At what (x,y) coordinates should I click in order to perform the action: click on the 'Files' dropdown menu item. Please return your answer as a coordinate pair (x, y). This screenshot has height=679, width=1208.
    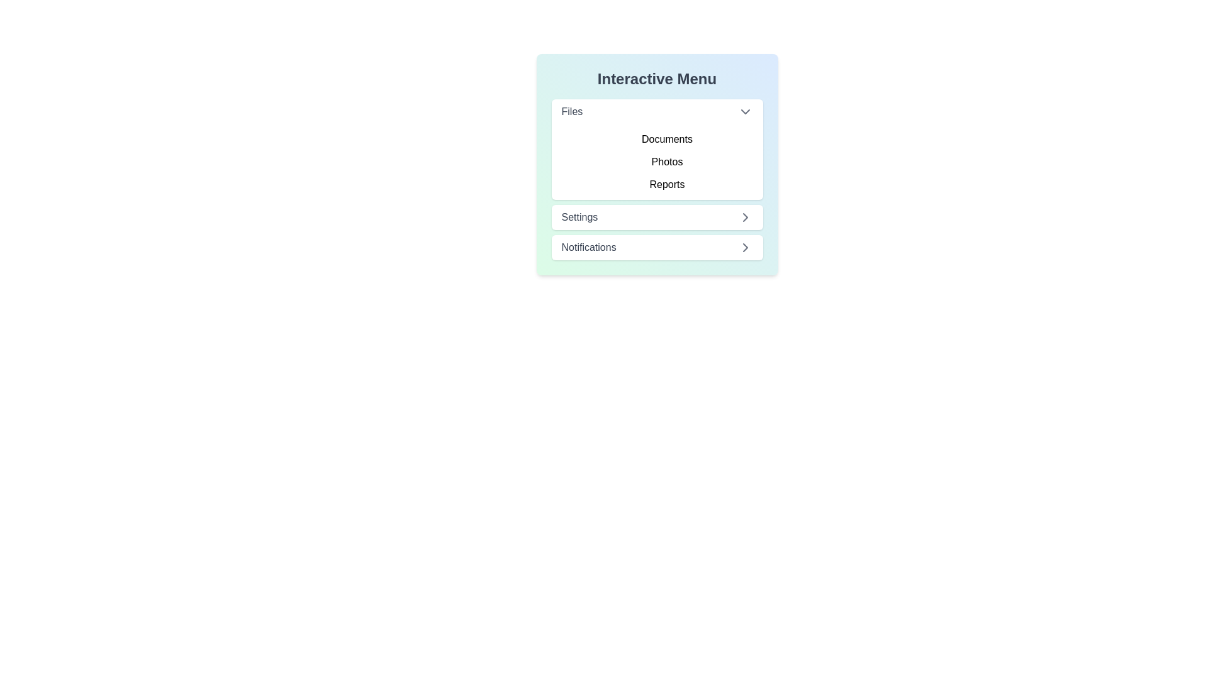
    Looking at the image, I should click on (656, 111).